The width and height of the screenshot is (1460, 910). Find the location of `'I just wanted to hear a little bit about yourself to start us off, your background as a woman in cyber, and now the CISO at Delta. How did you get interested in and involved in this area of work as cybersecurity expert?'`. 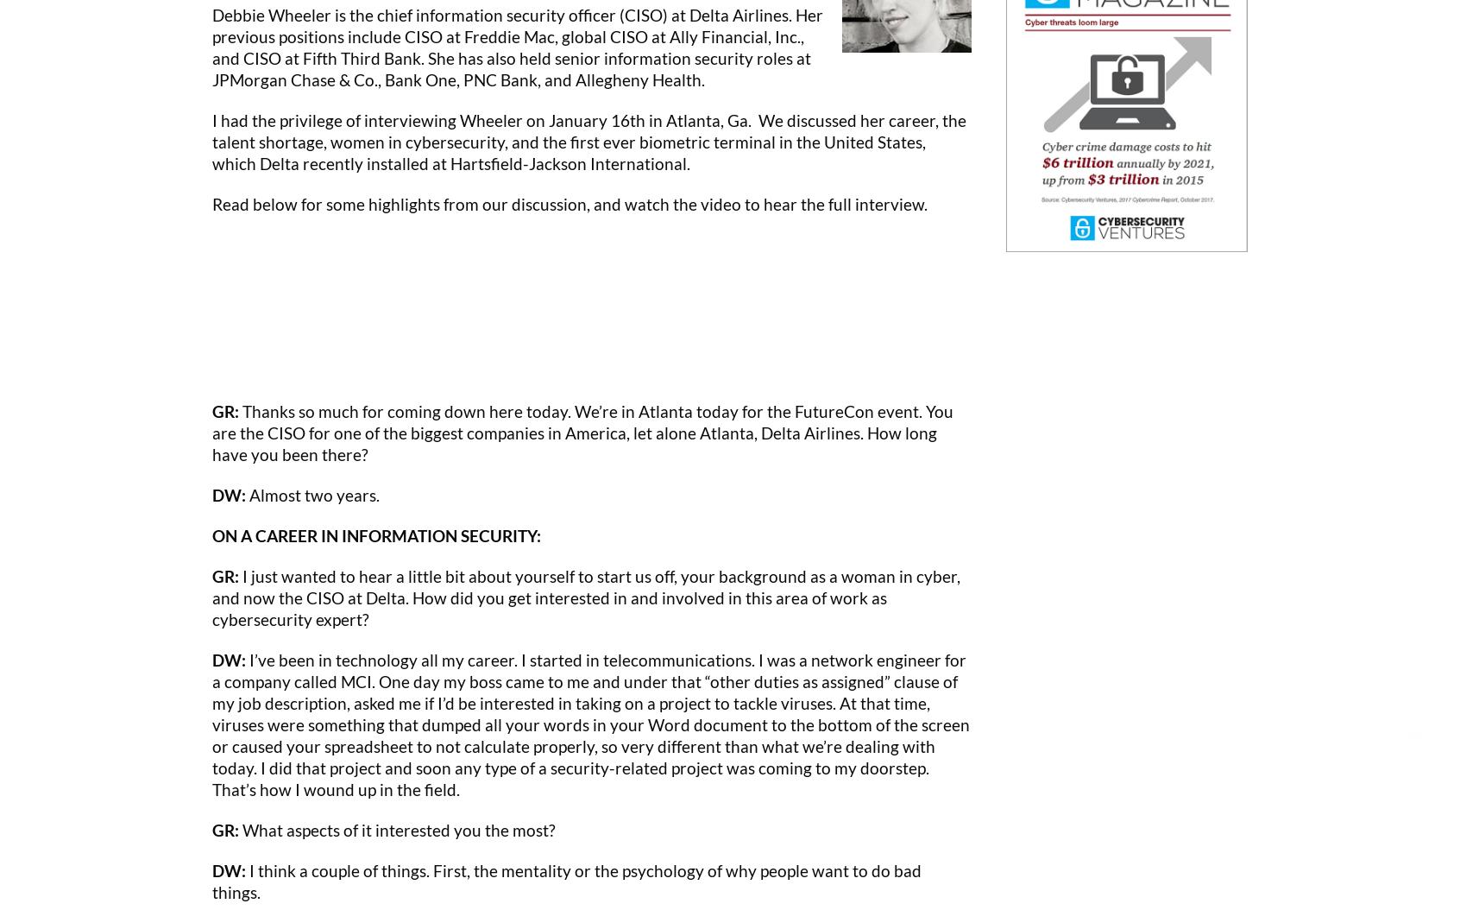

'I just wanted to hear a little bit about yourself to start us off, your background as a woman in cyber, and now the CISO at Delta. How did you get interested in and involved in this area of work as cybersecurity expert?' is located at coordinates (586, 596).